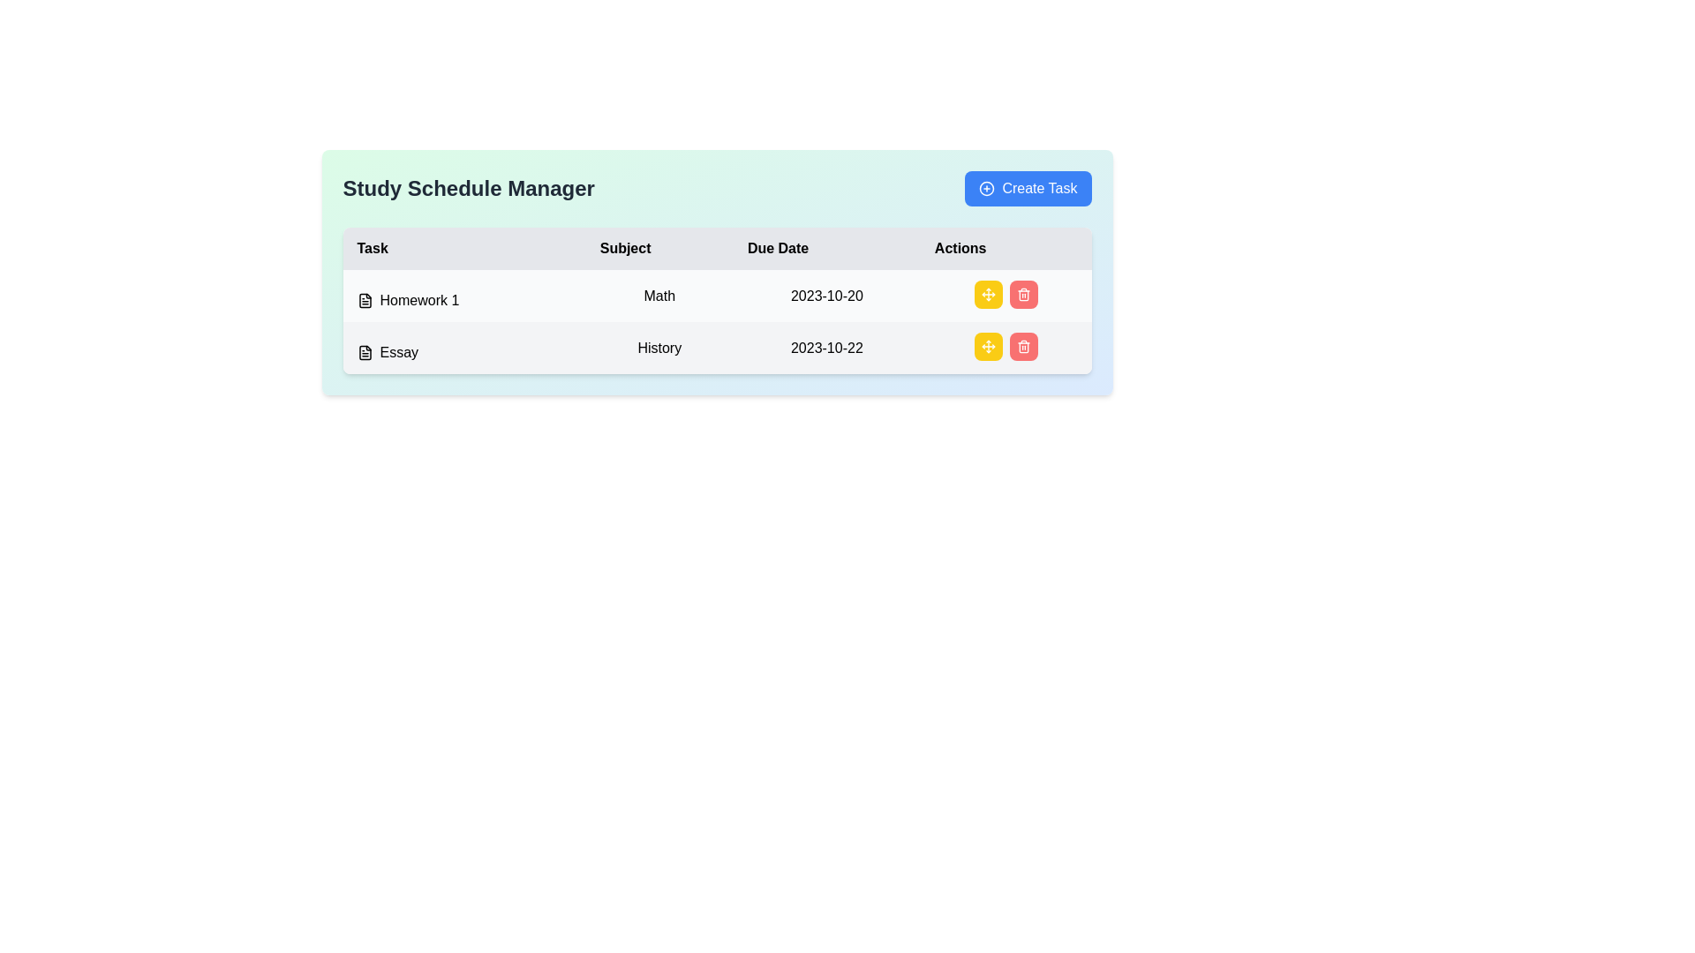 The image size is (1695, 953). Describe the element at coordinates (987, 294) in the screenshot. I see `the yellow button with a rounded corner and an icon of four outward-facing arrows in the 'Actions' column of the second row for the task 'Essay'` at that location.